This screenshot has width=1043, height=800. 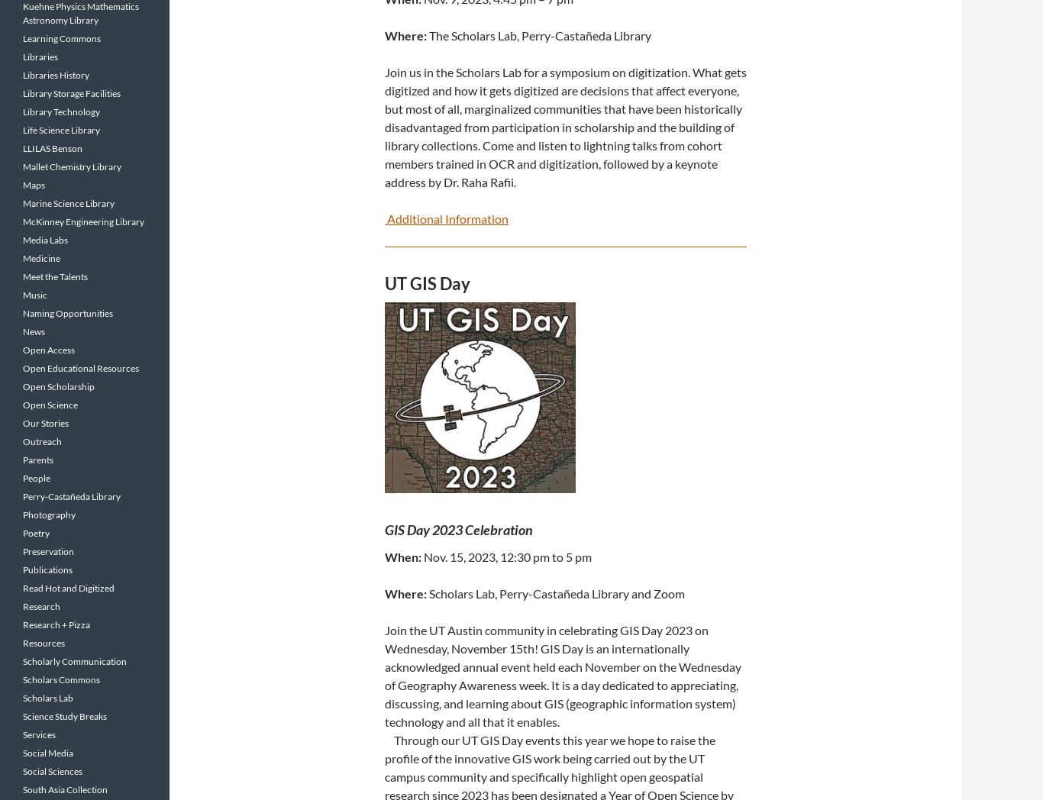 What do you see at coordinates (59, 386) in the screenshot?
I see `'Open Scholarship'` at bounding box center [59, 386].